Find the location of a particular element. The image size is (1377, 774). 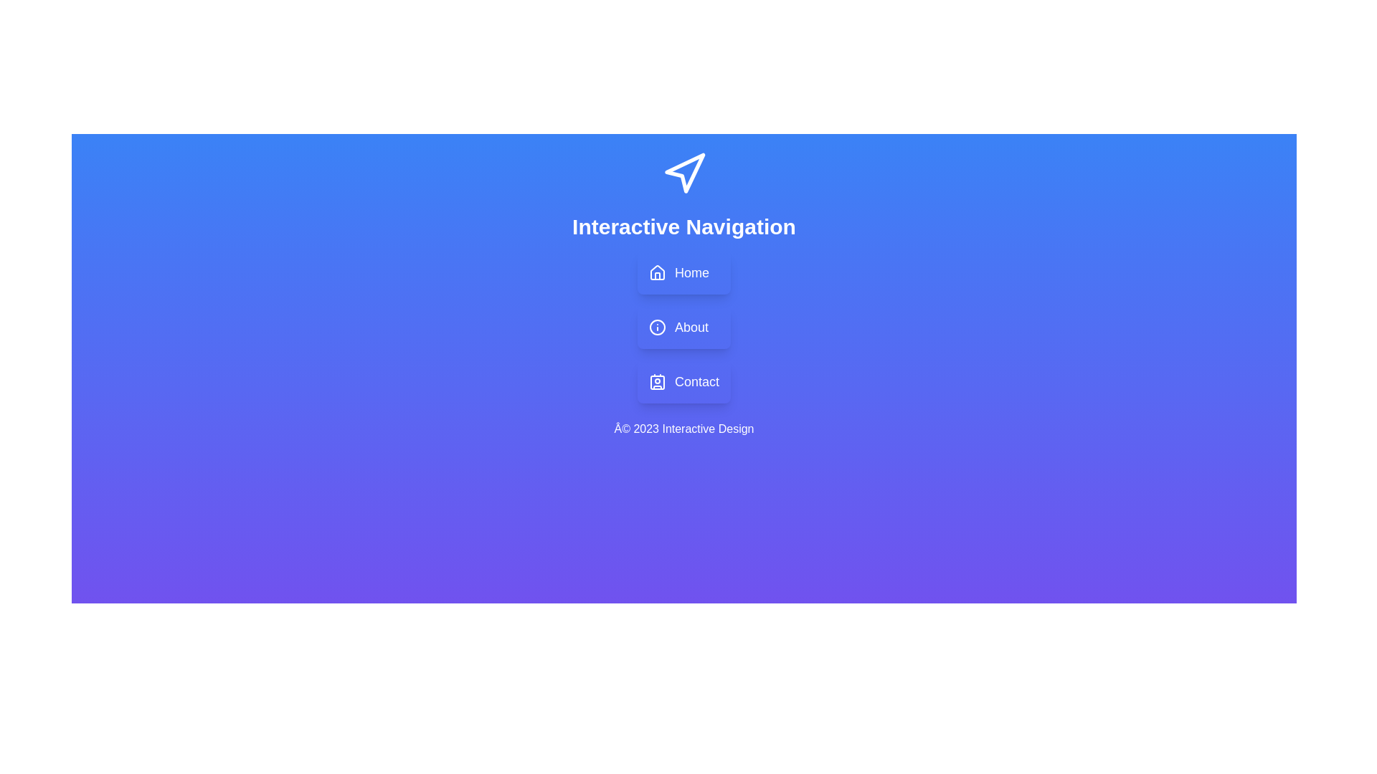

the SVG Icon representing the 'About' button in the vertical navigation list, which has a round-edged circular boundary with a vertical slash and a small dot above it is located at coordinates (656, 327).